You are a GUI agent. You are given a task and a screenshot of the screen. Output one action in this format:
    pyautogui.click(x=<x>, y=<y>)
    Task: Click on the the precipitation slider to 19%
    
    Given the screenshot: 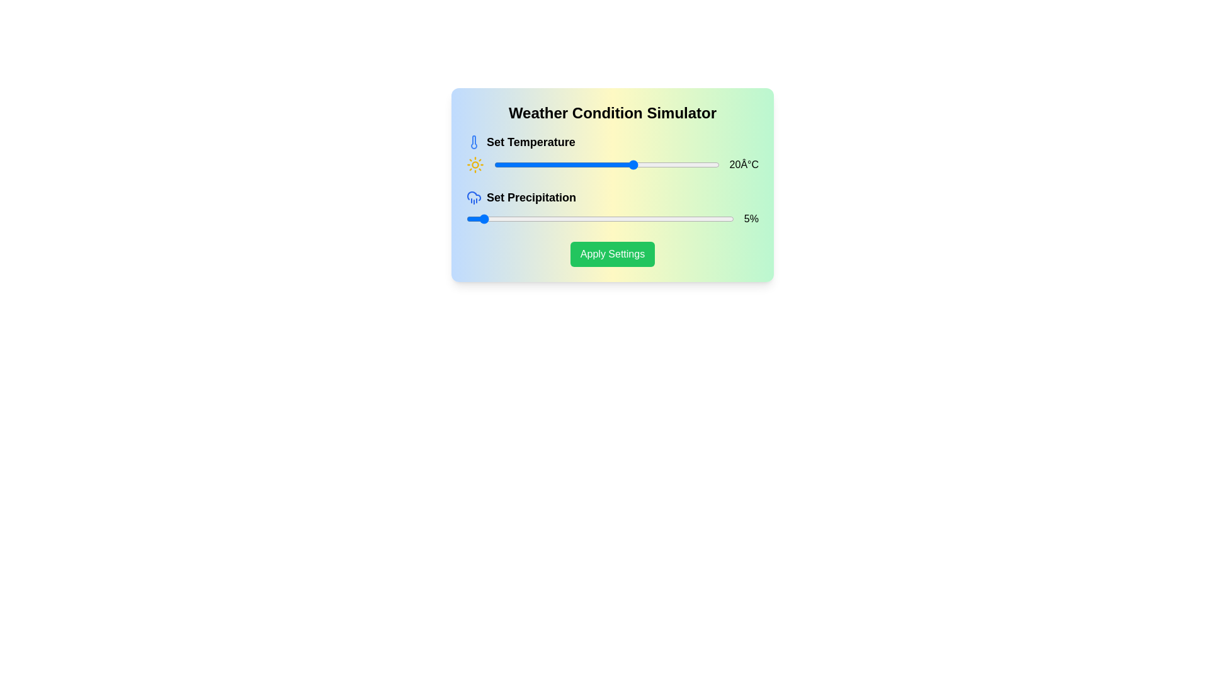 What is the action you would take?
    pyautogui.click(x=517, y=218)
    